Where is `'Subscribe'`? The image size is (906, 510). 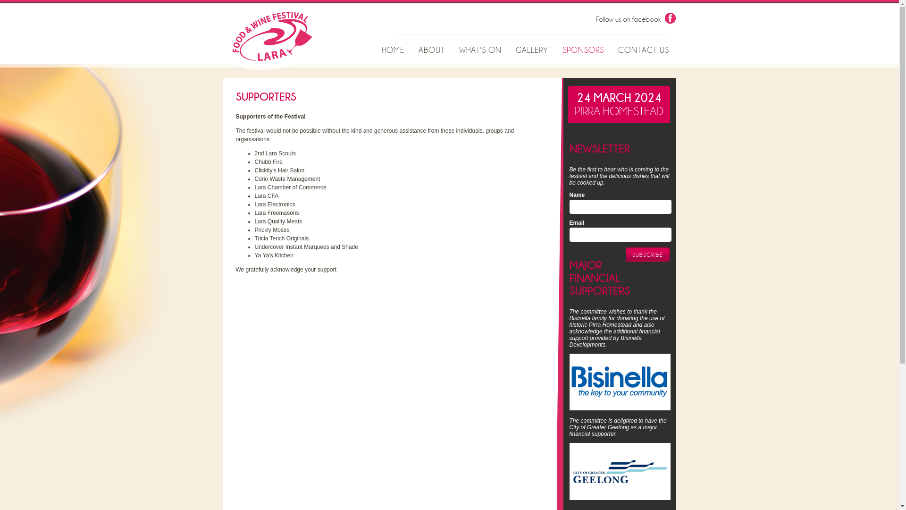 'Subscribe' is located at coordinates (647, 254).